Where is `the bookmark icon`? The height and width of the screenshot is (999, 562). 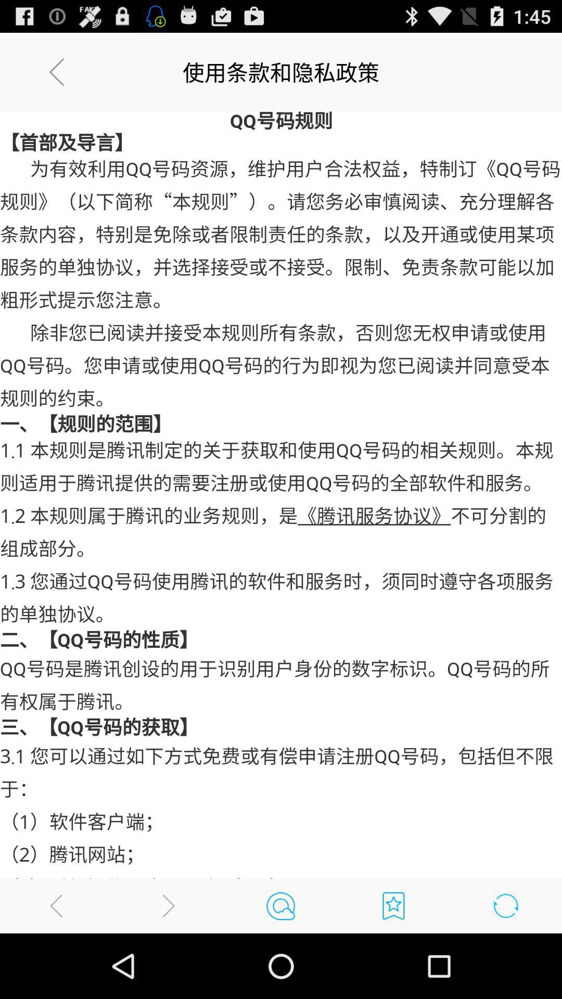
the bookmark icon is located at coordinates (393, 969).